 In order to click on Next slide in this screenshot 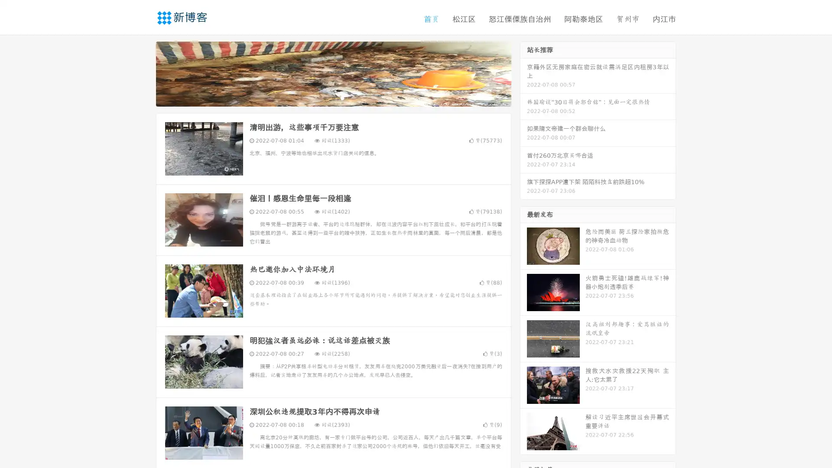, I will do `click(523, 73)`.